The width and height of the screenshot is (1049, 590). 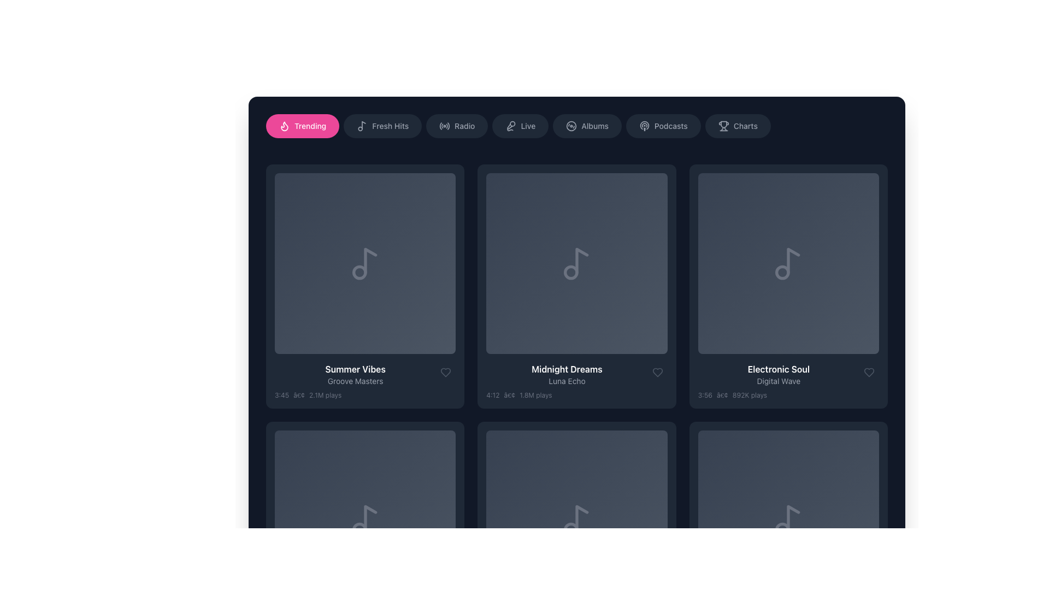 I want to click on the trophy icon located near the top navigation bar, aligned with the text 'Charts', which is styled in a subtle gray tone and features a minimalist design, so click(x=723, y=126).